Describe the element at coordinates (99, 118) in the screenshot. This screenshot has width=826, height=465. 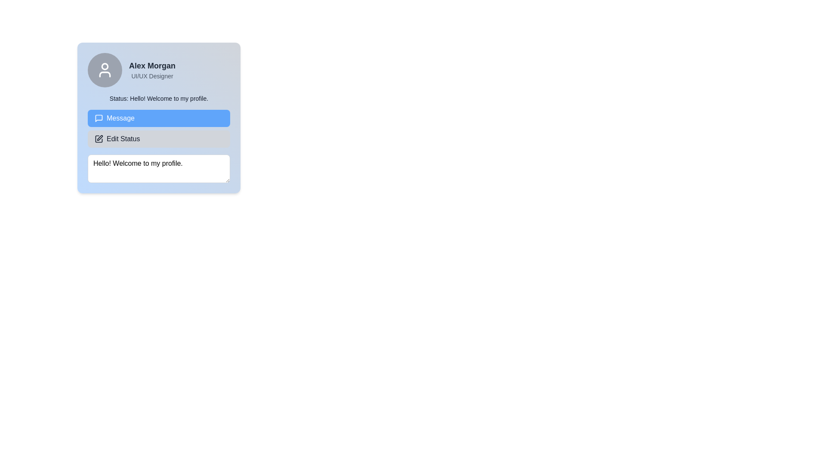
I see `the messaging icon located within the blue rectangular button labeled 'Message', positioned to the left of its text` at that location.